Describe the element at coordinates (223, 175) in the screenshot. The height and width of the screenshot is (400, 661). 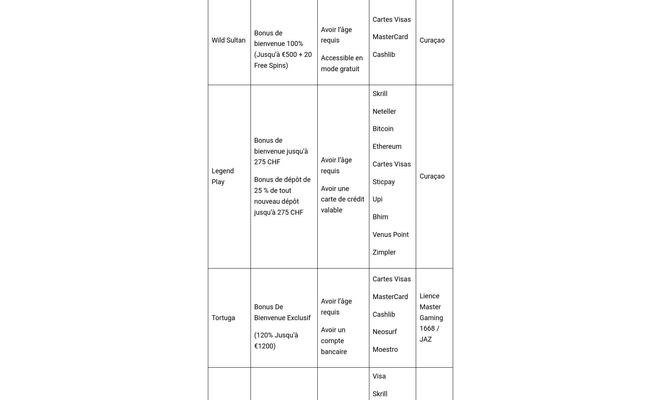
I see `'Legend Play'` at that location.